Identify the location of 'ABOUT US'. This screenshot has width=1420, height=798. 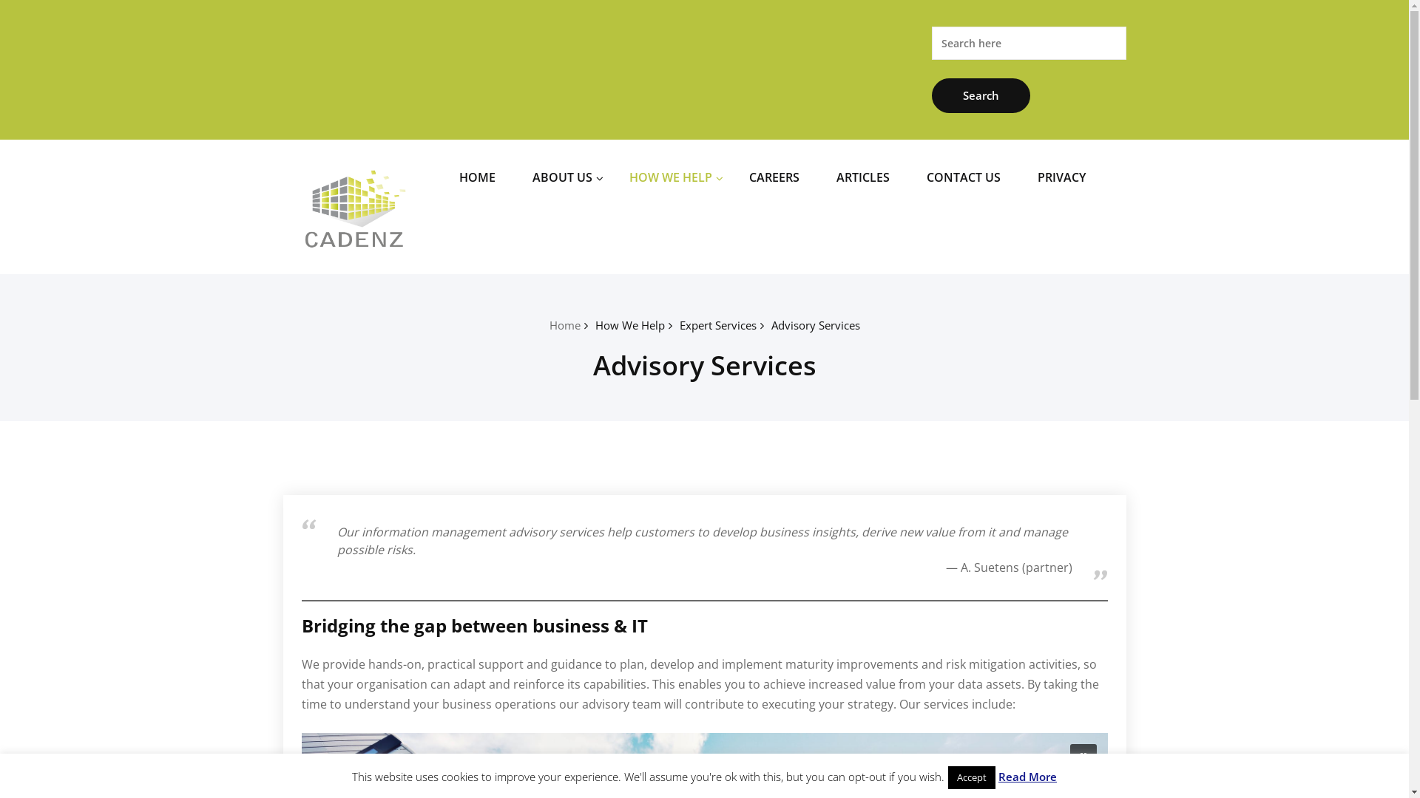
(561, 176).